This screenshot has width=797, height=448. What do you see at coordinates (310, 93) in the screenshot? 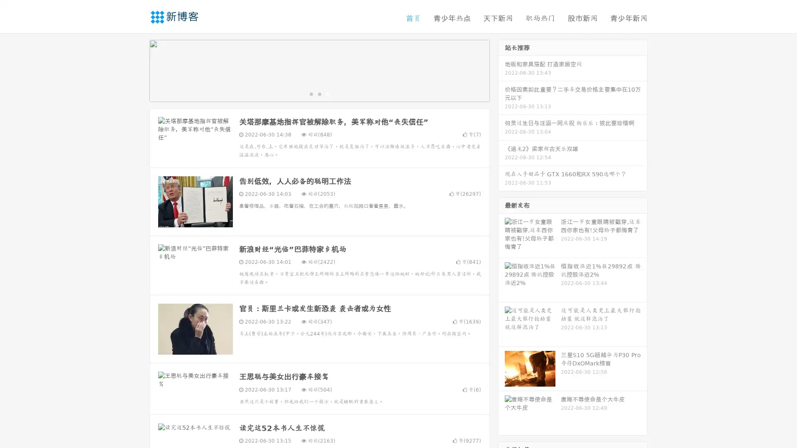
I see `Go to slide 1` at bounding box center [310, 93].